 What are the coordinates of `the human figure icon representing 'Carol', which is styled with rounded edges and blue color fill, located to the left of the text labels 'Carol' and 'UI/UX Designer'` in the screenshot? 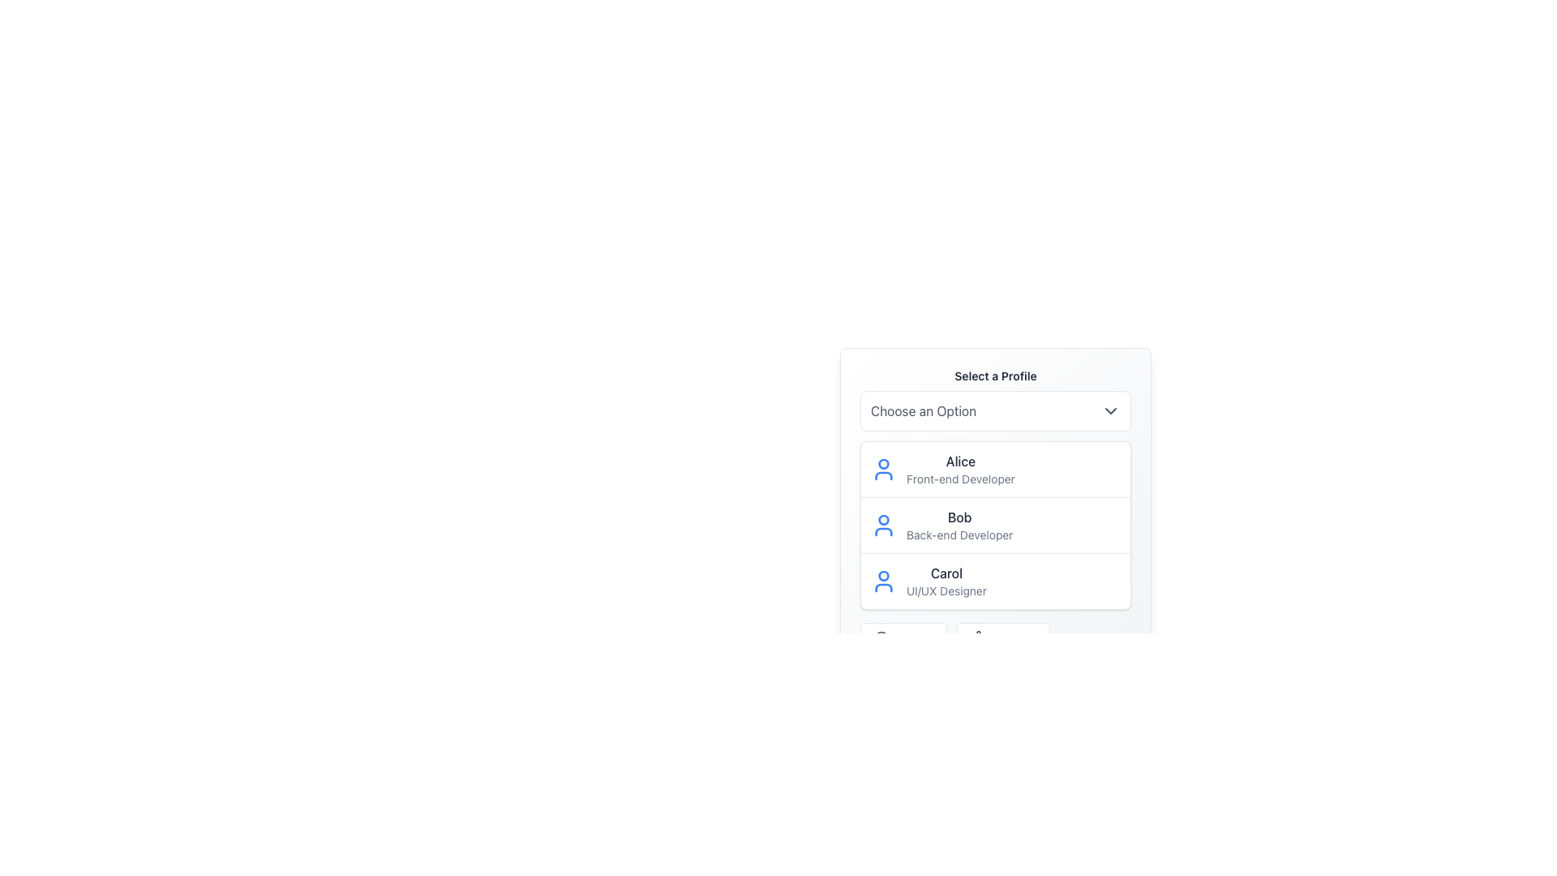 It's located at (882, 581).